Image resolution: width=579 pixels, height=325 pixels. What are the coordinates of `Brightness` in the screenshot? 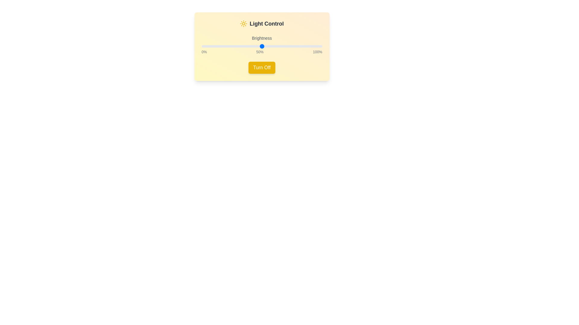 It's located at (218, 46).